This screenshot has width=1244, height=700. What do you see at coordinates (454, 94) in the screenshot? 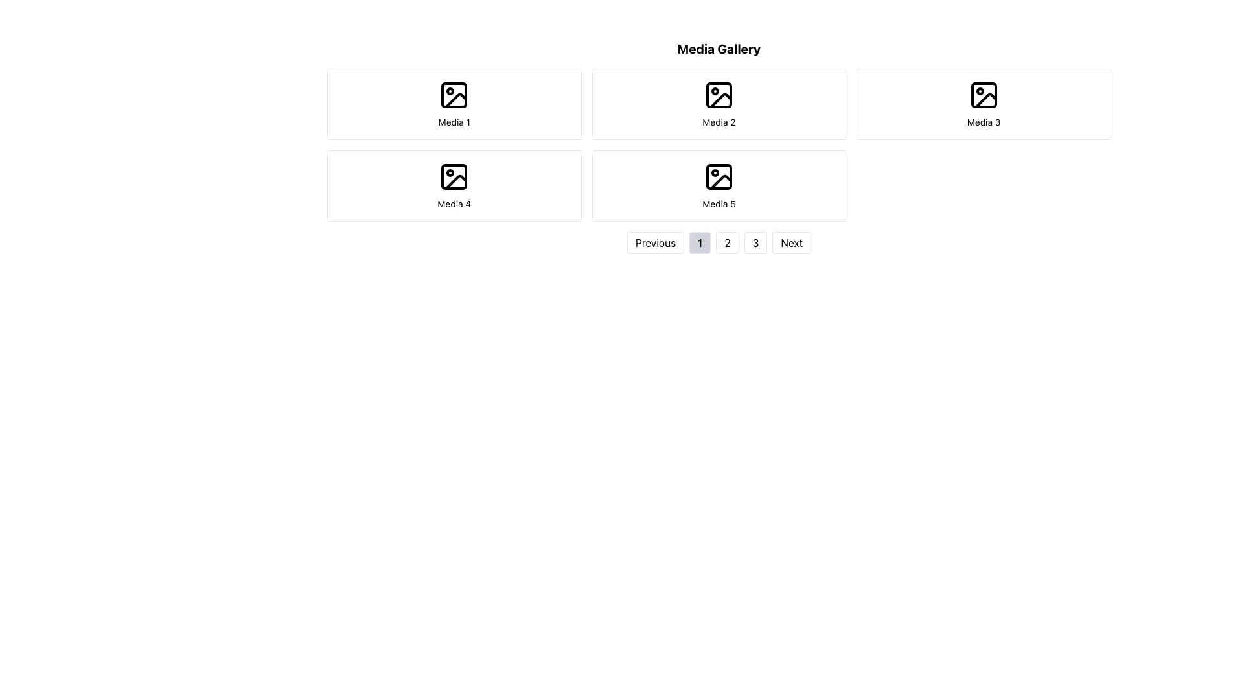
I see `the decorative graphic element with rounded corners located at the top-left corner of the 'Media 1' icon, which represents an image` at bounding box center [454, 94].